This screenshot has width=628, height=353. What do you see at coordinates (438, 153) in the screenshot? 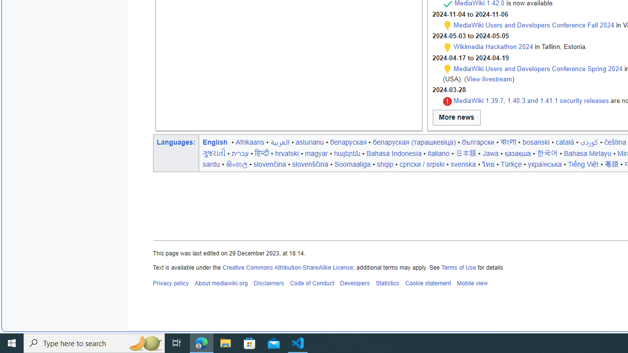
I see `'italiano'` at bounding box center [438, 153].